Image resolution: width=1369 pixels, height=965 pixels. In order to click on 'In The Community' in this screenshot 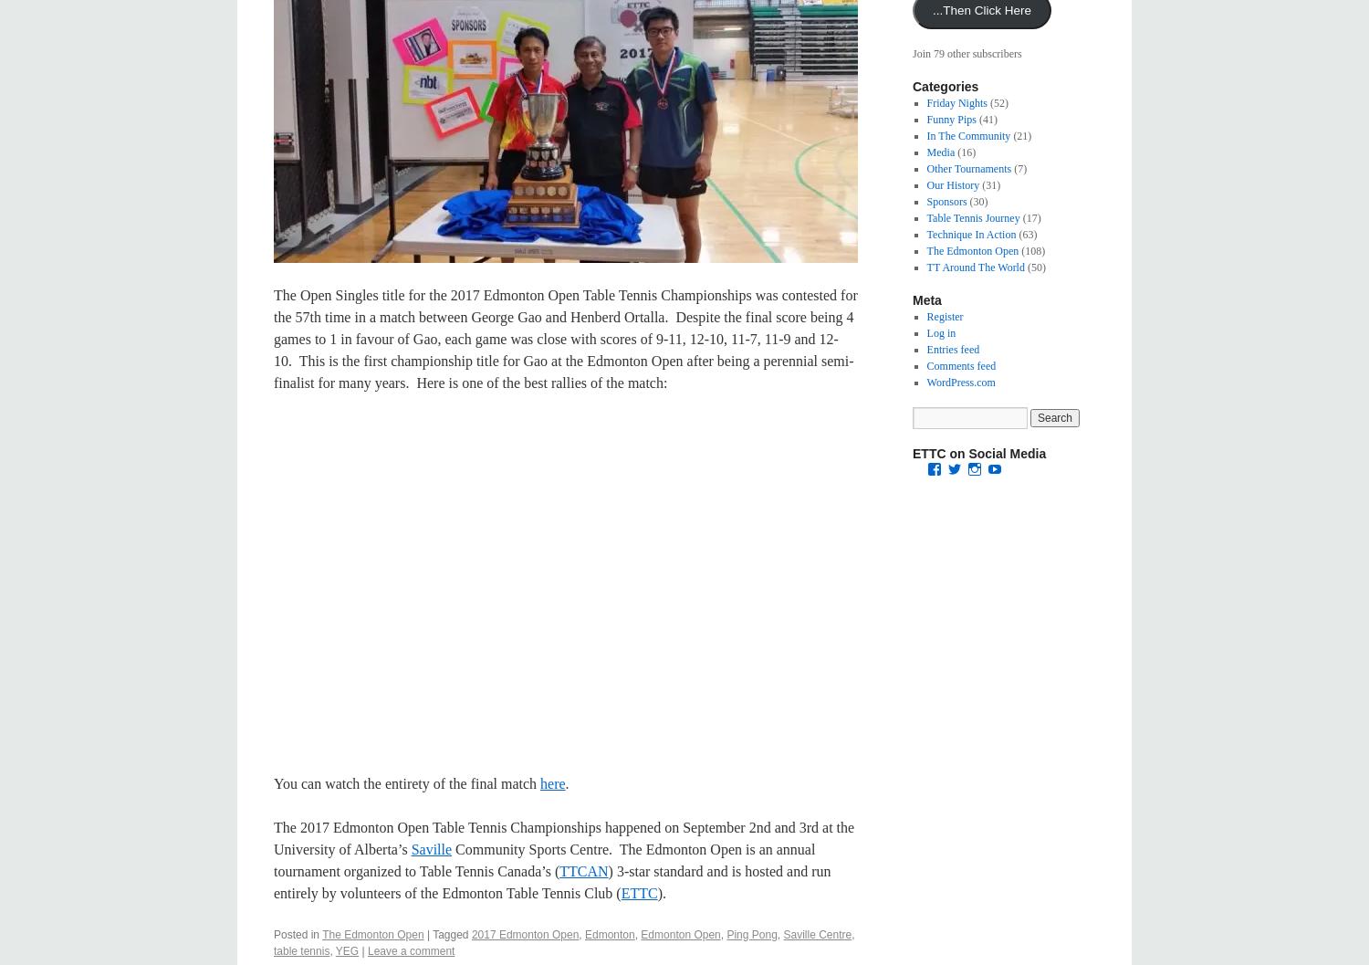, I will do `click(967, 135)`.